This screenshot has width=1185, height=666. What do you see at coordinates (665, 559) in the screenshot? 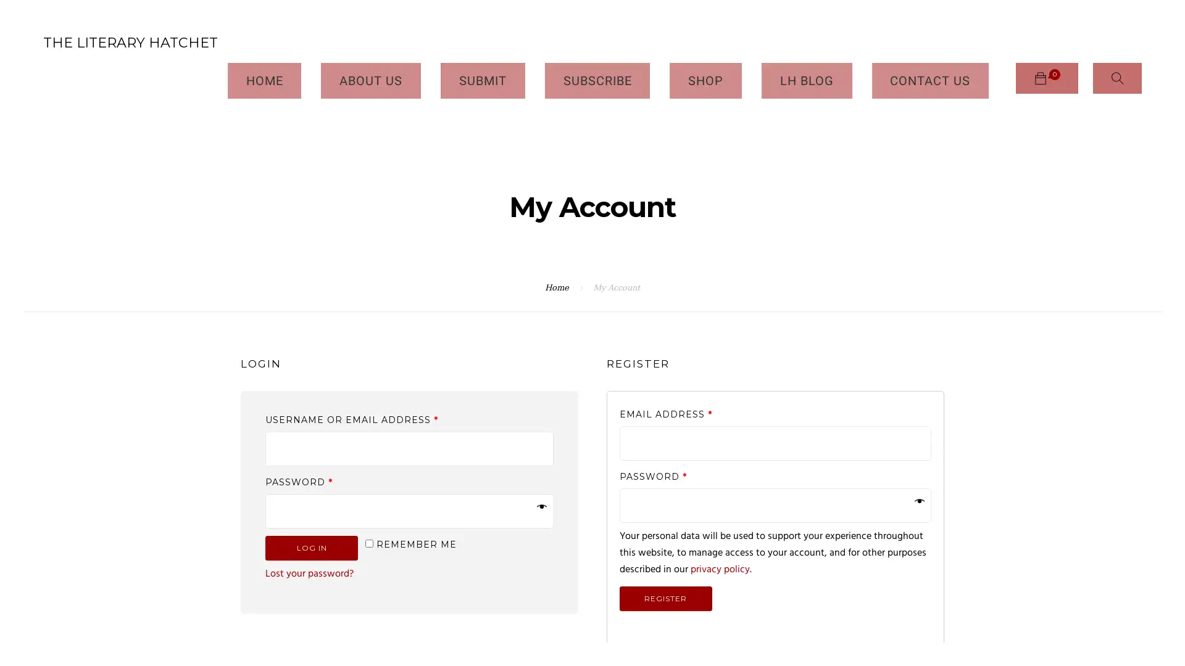
I see `REGISTER` at bounding box center [665, 559].